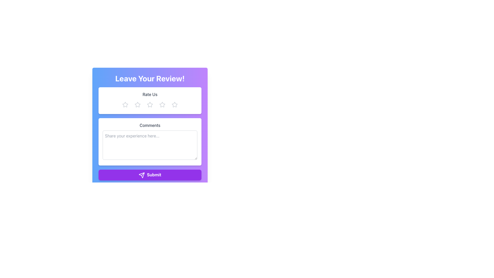 The width and height of the screenshot is (494, 278). I want to click on the first hollow star icon in the 'Rate Us' section, so click(137, 104).